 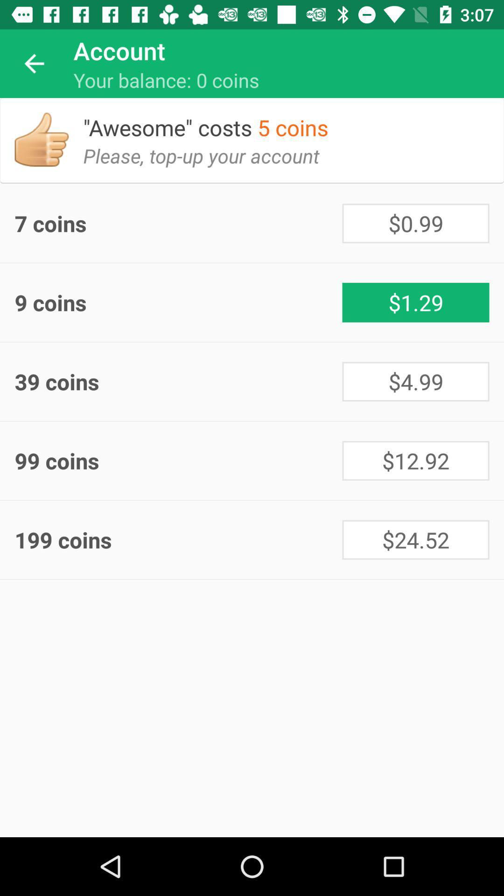 I want to click on icon to the left of the $4.99, so click(x=178, y=381).